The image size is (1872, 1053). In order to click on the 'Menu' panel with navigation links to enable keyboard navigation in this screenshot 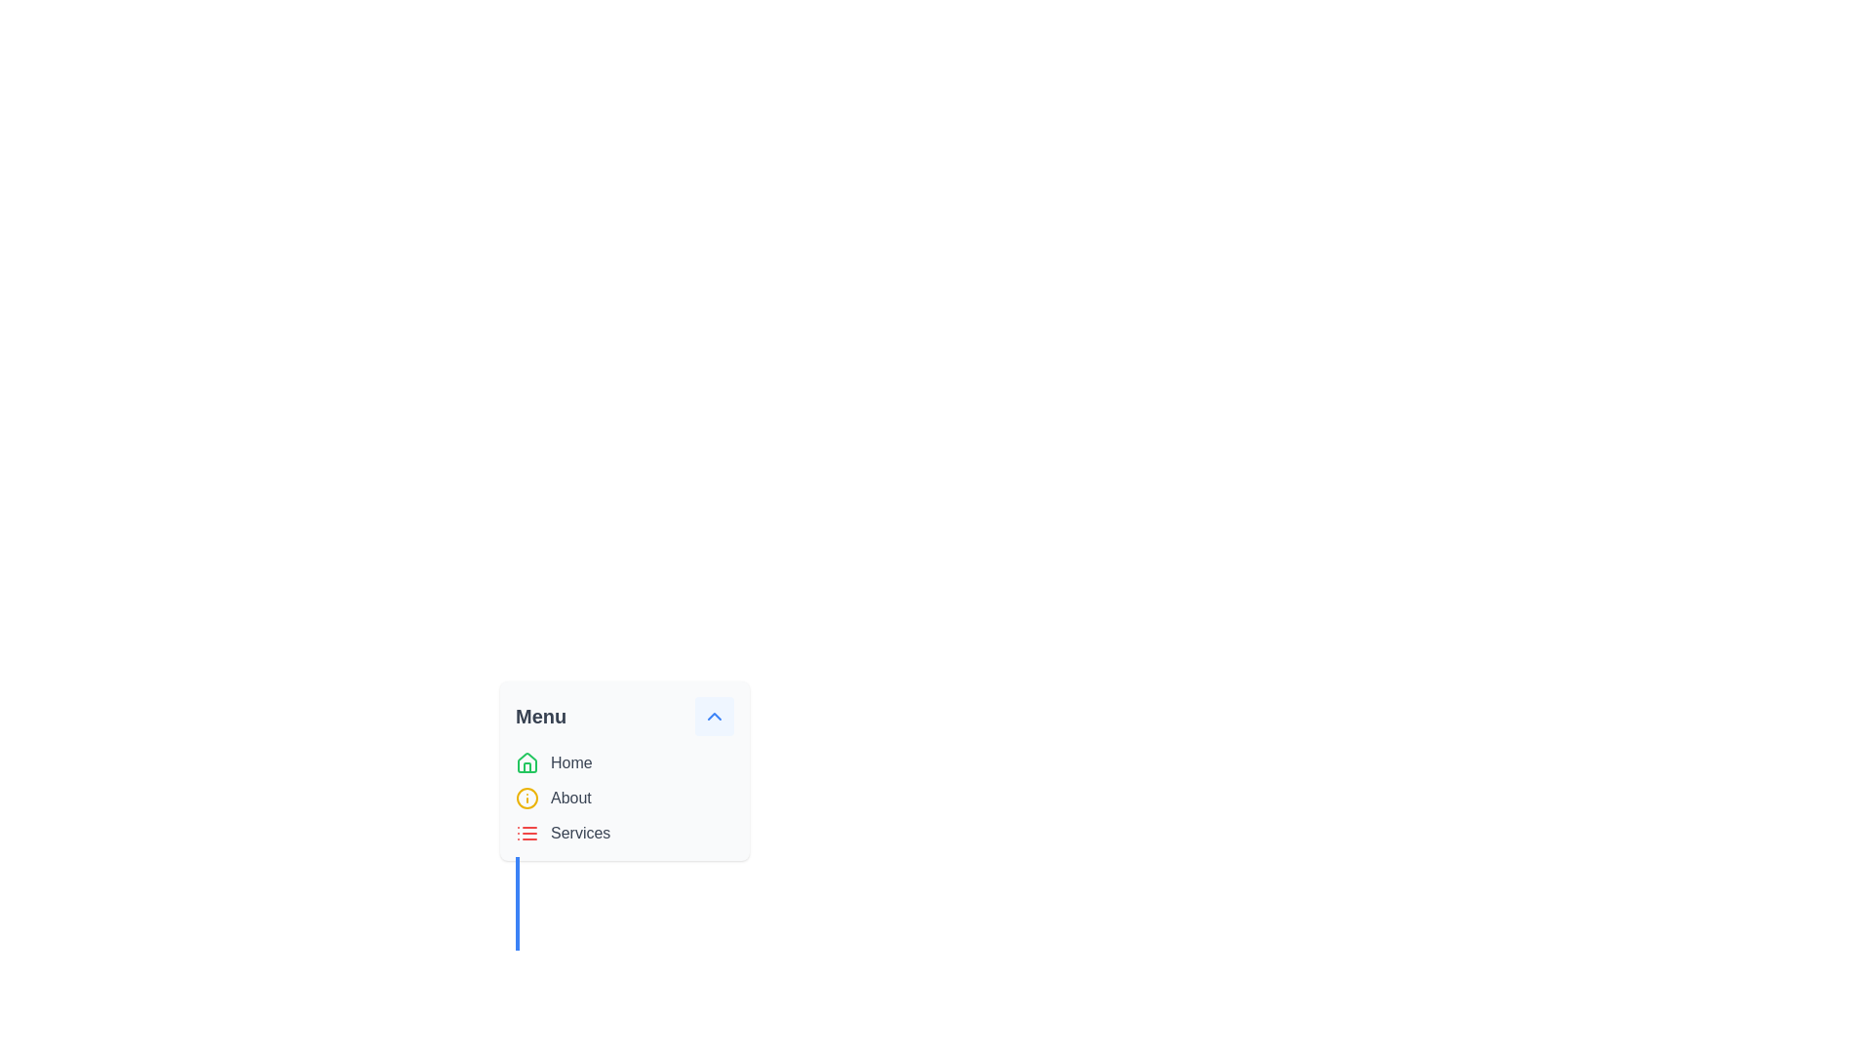, I will do `click(625, 769)`.